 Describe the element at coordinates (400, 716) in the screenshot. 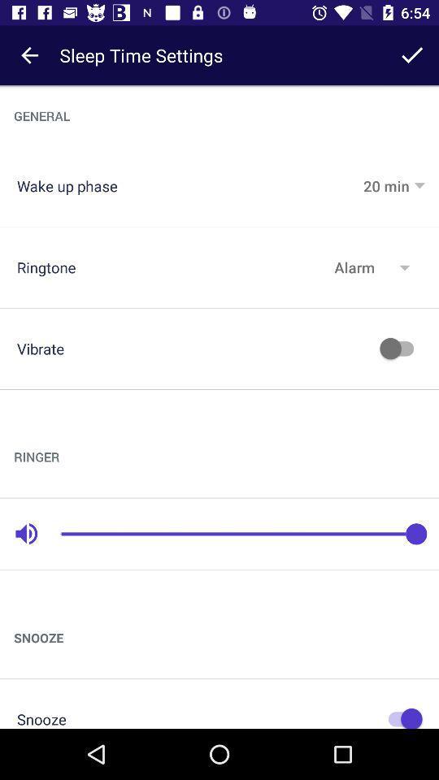

I see `snooze on/off button` at that location.